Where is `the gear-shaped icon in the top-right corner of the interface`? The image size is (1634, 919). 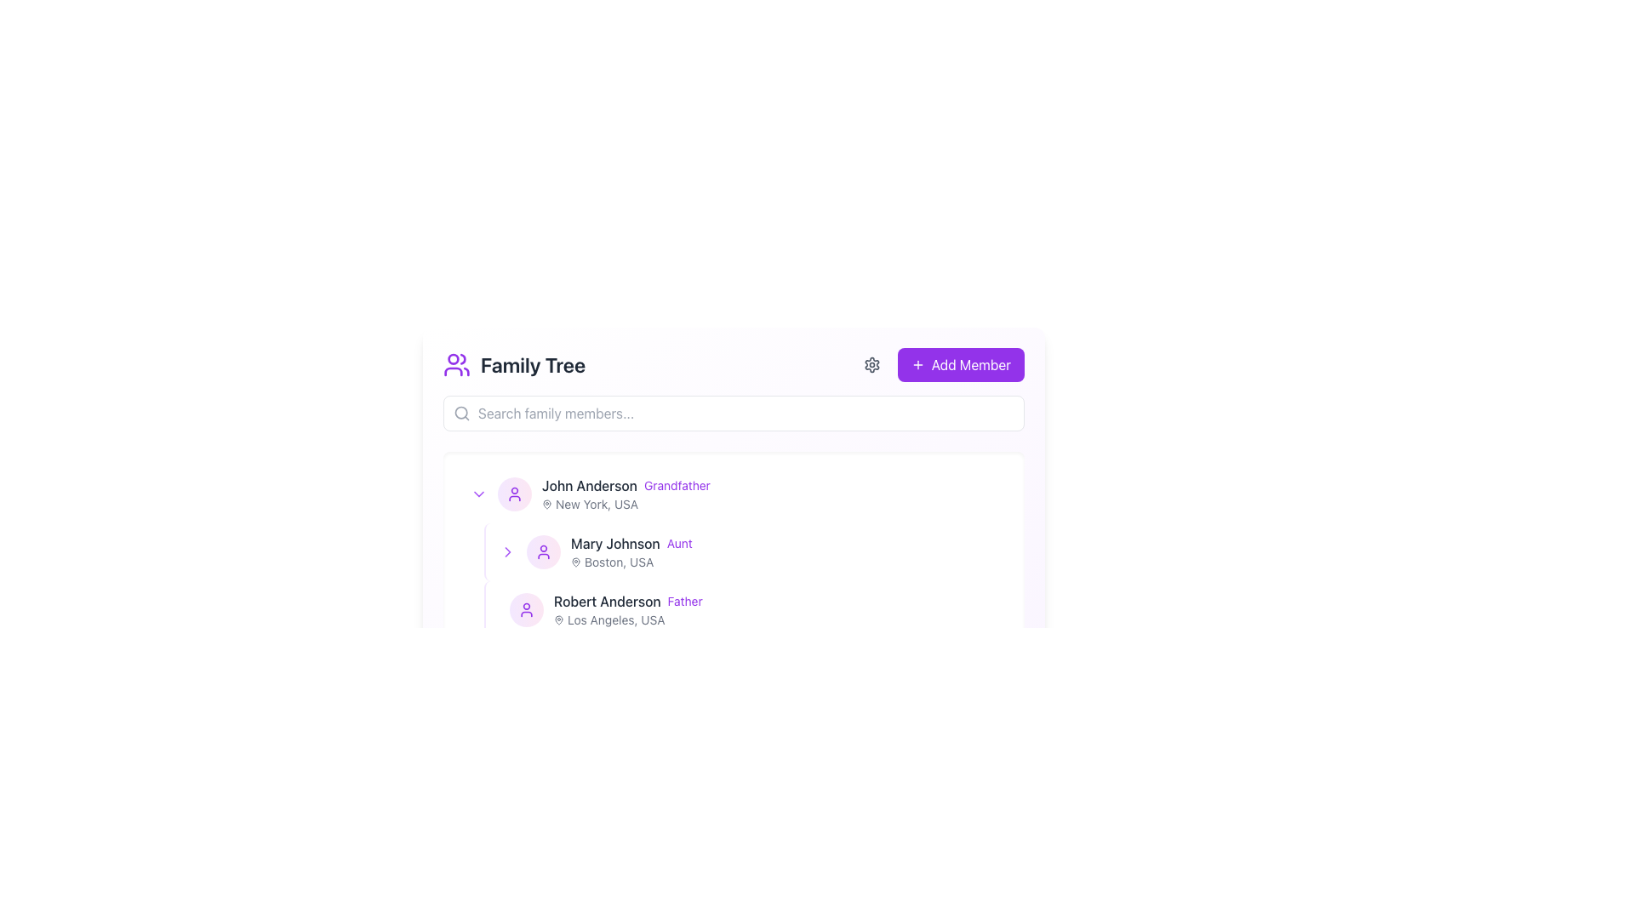
the gear-shaped icon in the top-right corner of the interface is located at coordinates (871, 363).